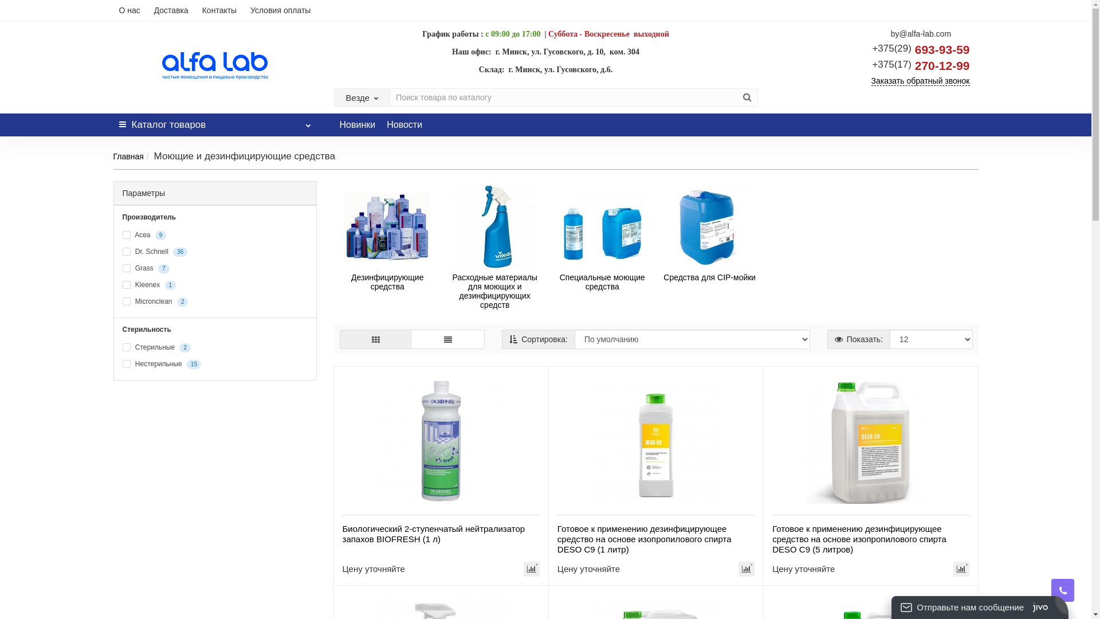 The image size is (1100, 619). I want to click on '+375(29) 693-93-59', so click(921, 49).